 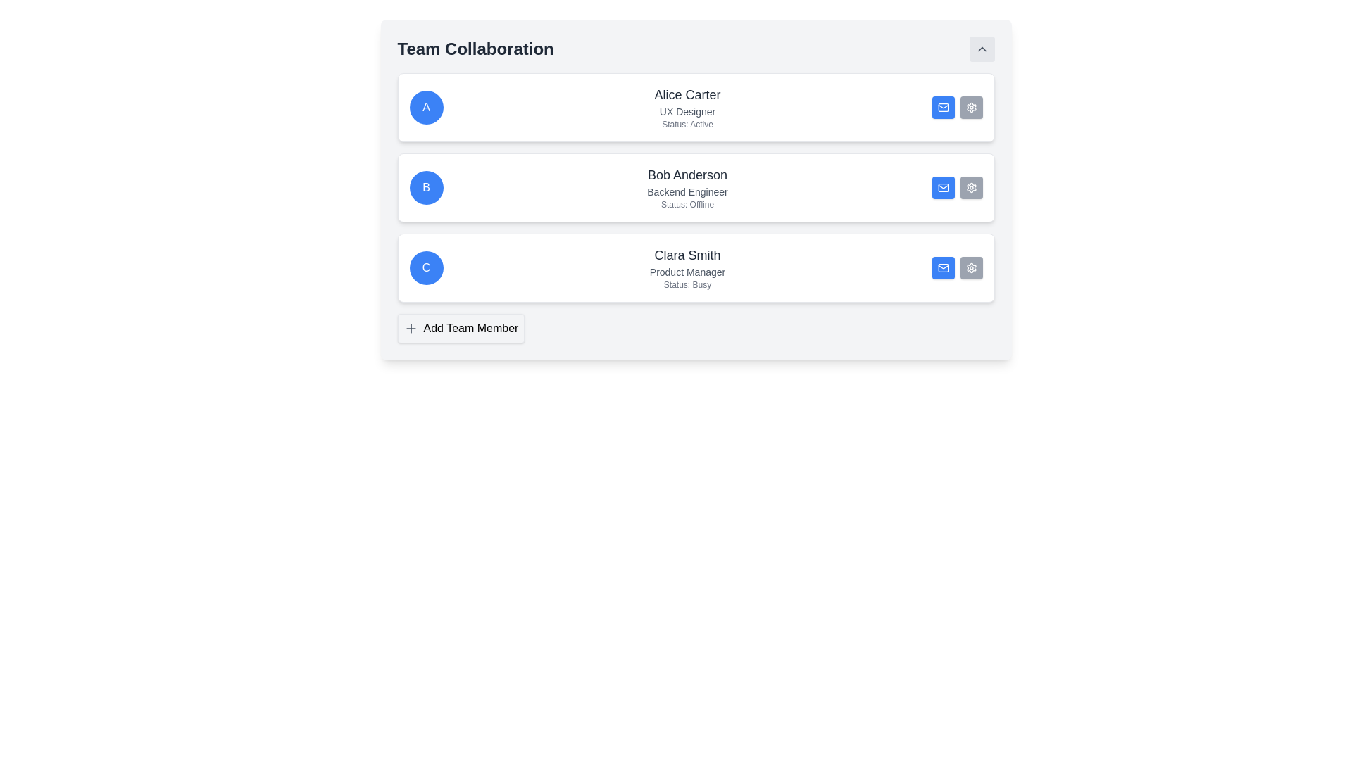 What do you see at coordinates (943, 107) in the screenshot?
I see `the decorative rectangular shape with rounded corners within the blue mail icon, which is positioned to the right of 'Alice Carter, UX Designer, Status: Active'` at bounding box center [943, 107].